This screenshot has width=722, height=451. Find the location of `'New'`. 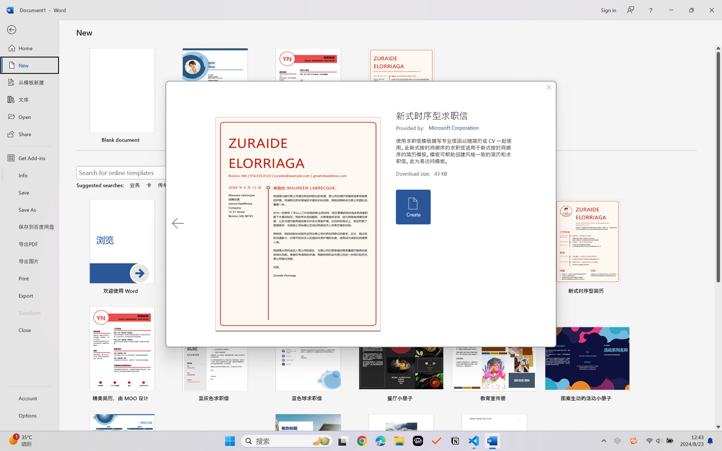

'New' is located at coordinates (29, 65).